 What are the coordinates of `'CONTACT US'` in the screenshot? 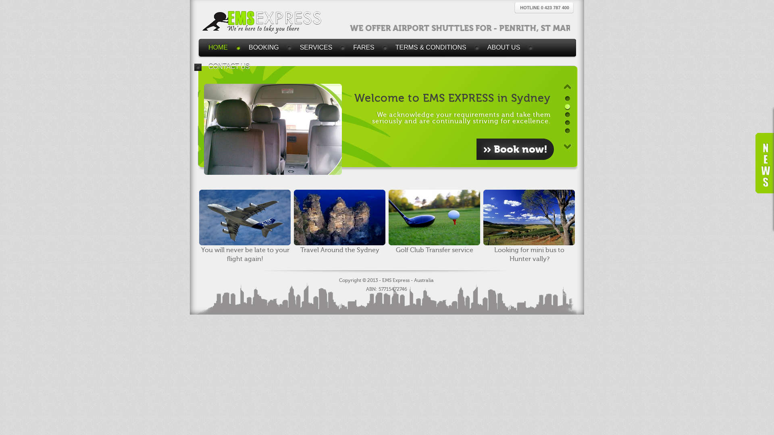 It's located at (231, 66).